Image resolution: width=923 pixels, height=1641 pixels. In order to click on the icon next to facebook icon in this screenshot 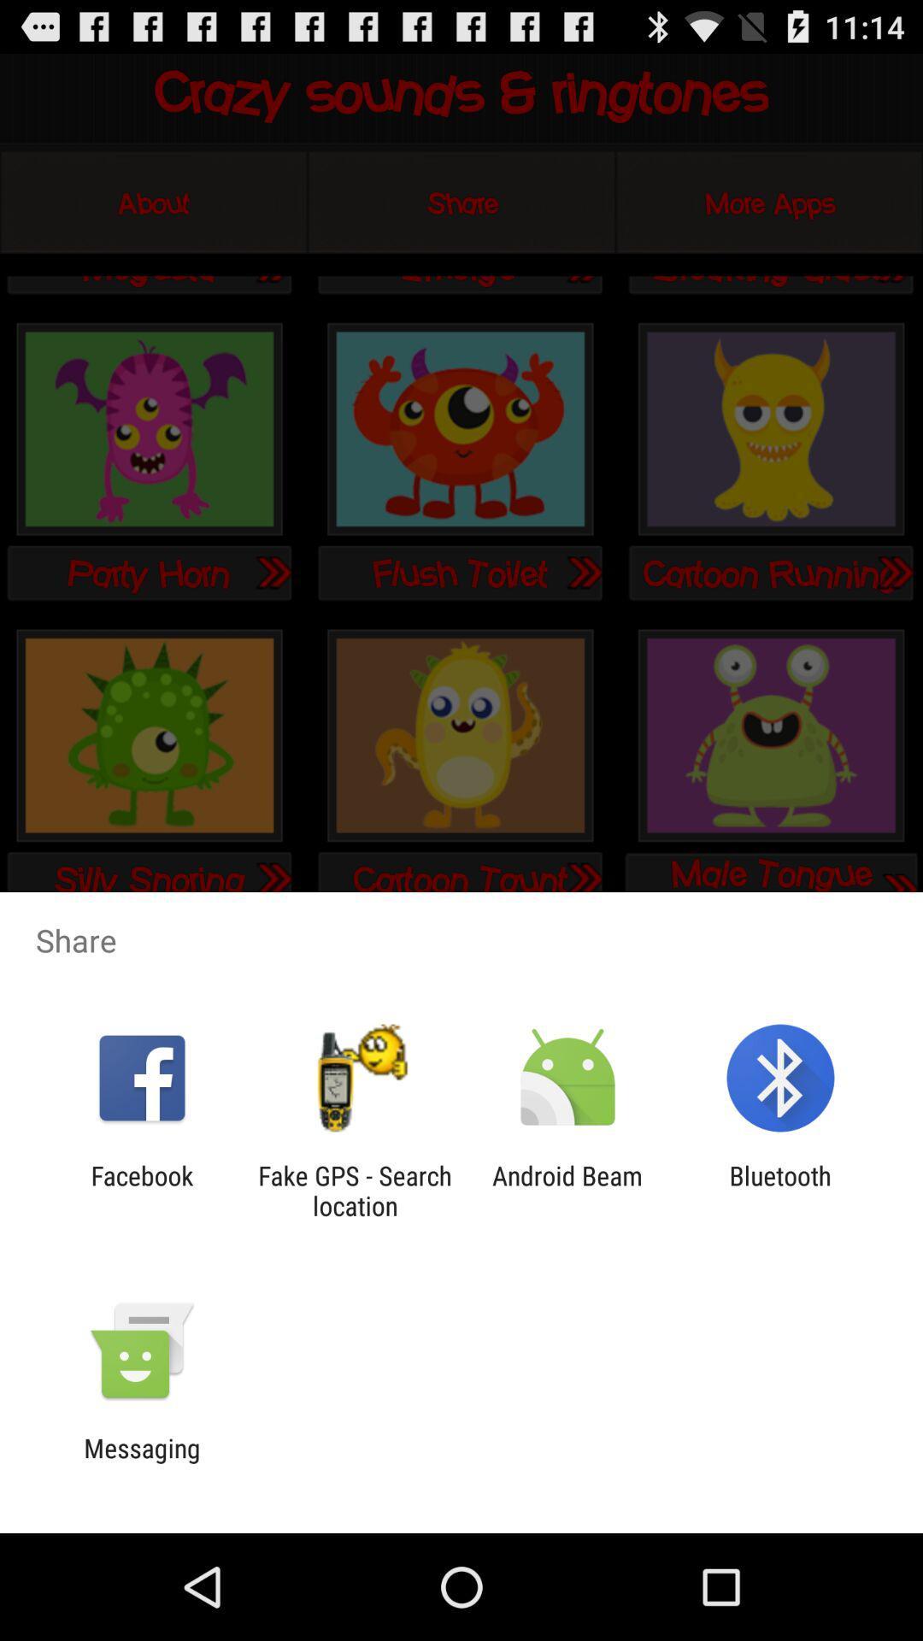, I will do `click(354, 1190)`.